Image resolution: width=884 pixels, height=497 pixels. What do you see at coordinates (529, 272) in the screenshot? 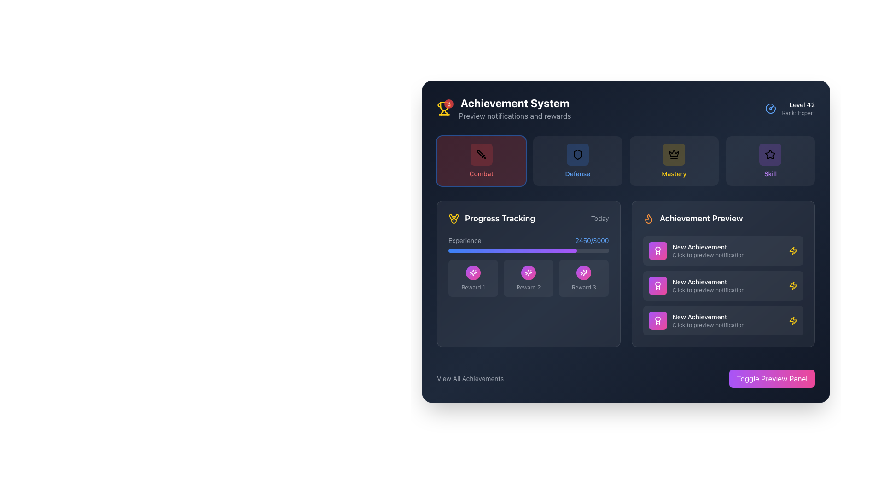
I see `the 'Reward 2' button located in the middle of the 'Progress Tracking' section below the experience bar` at bounding box center [529, 272].